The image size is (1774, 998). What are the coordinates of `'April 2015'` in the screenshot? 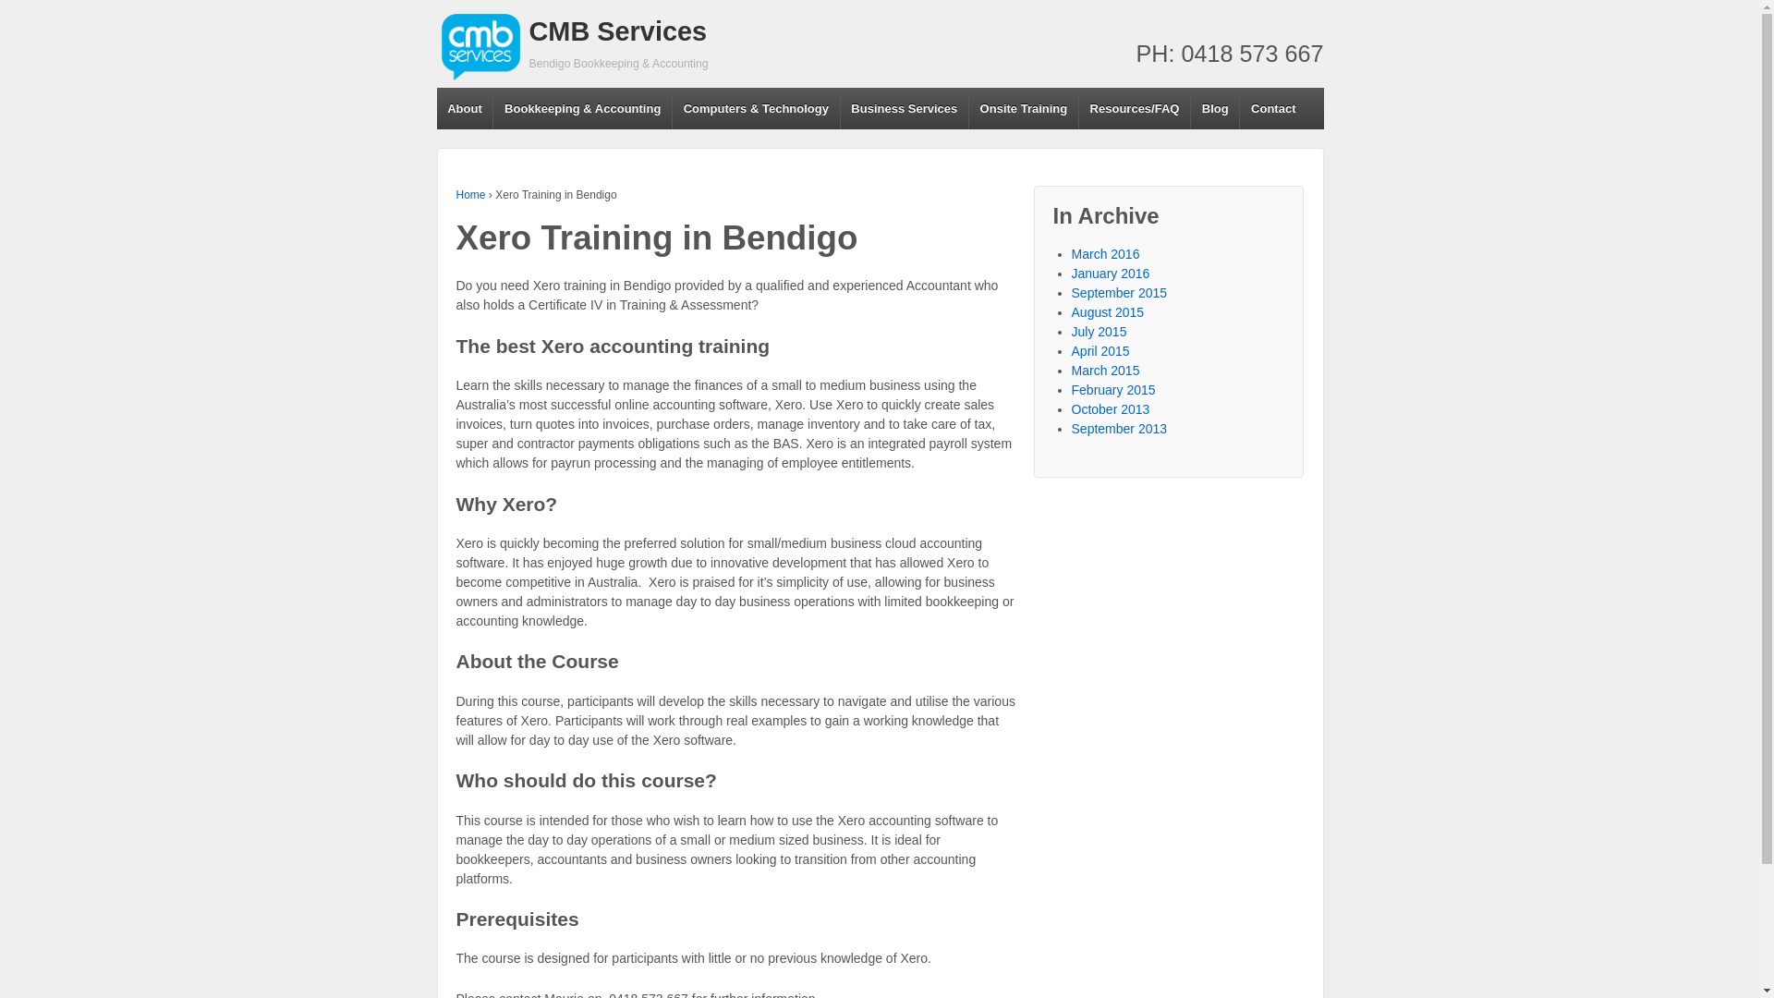 It's located at (1100, 351).